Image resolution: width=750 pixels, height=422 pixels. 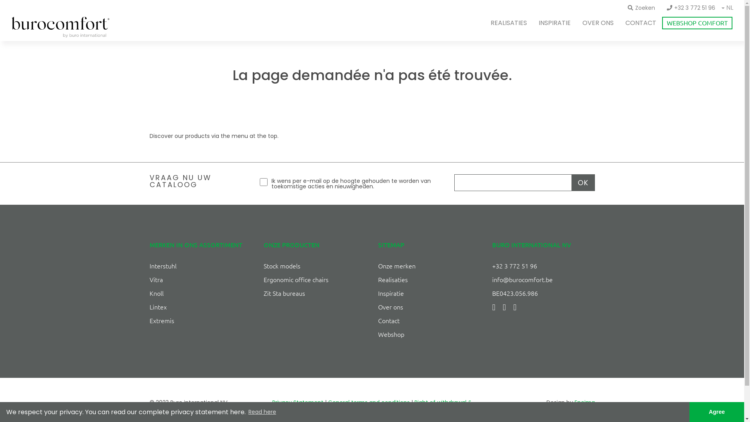 What do you see at coordinates (583, 182) in the screenshot?
I see `'OK'` at bounding box center [583, 182].